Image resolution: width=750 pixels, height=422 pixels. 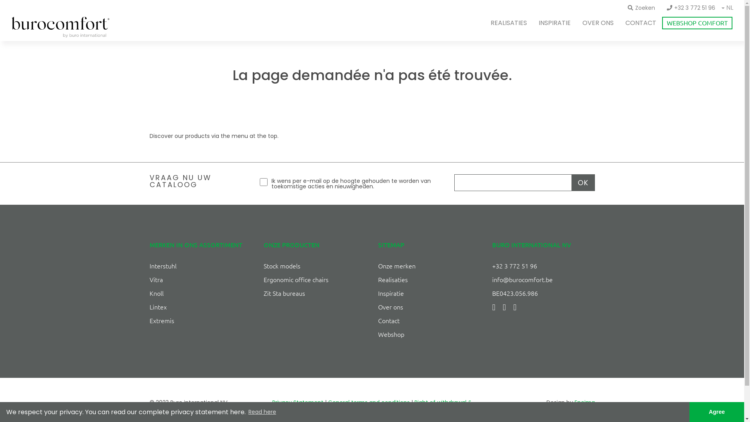 What do you see at coordinates (583, 182) in the screenshot?
I see `'OK'` at bounding box center [583, 182].